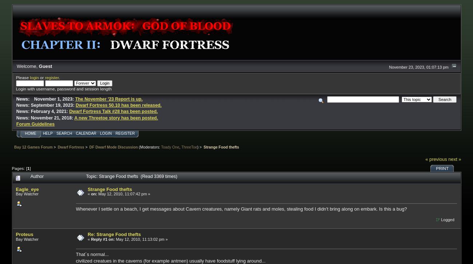 The image size is (473, 264). Describe the element at coordinates (454, 158) in the screenshot. I see `'next »'` at that location.